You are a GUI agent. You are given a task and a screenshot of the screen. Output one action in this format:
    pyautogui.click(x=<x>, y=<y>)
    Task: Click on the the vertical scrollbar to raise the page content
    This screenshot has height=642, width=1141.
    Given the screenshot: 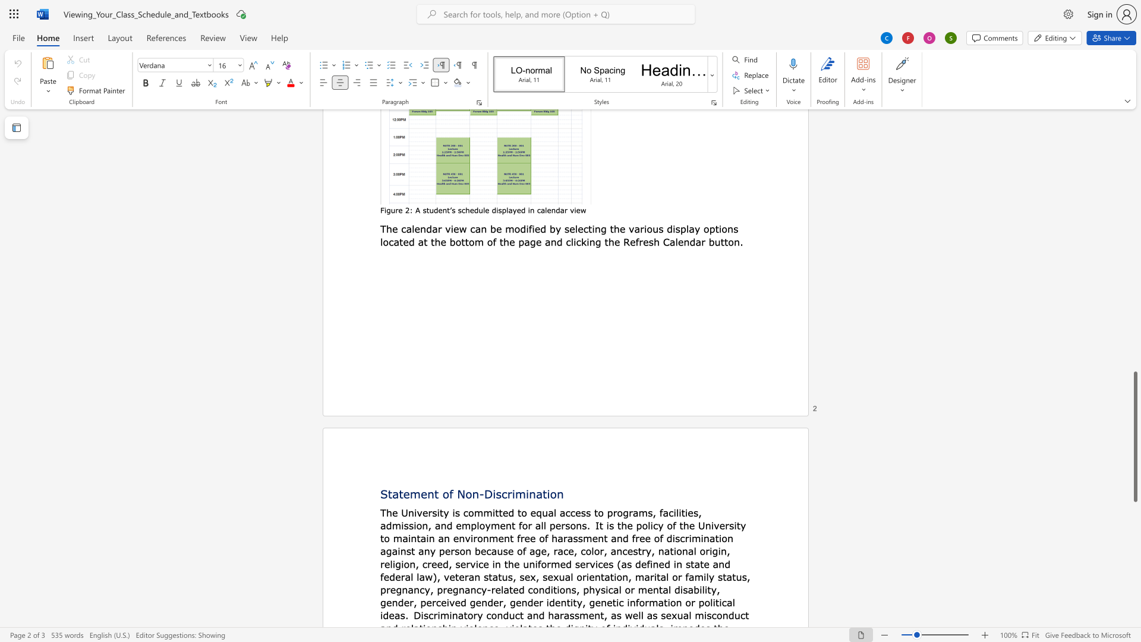 What is the action you would take?
    pyautogui.click(x=1134, y=285)
    